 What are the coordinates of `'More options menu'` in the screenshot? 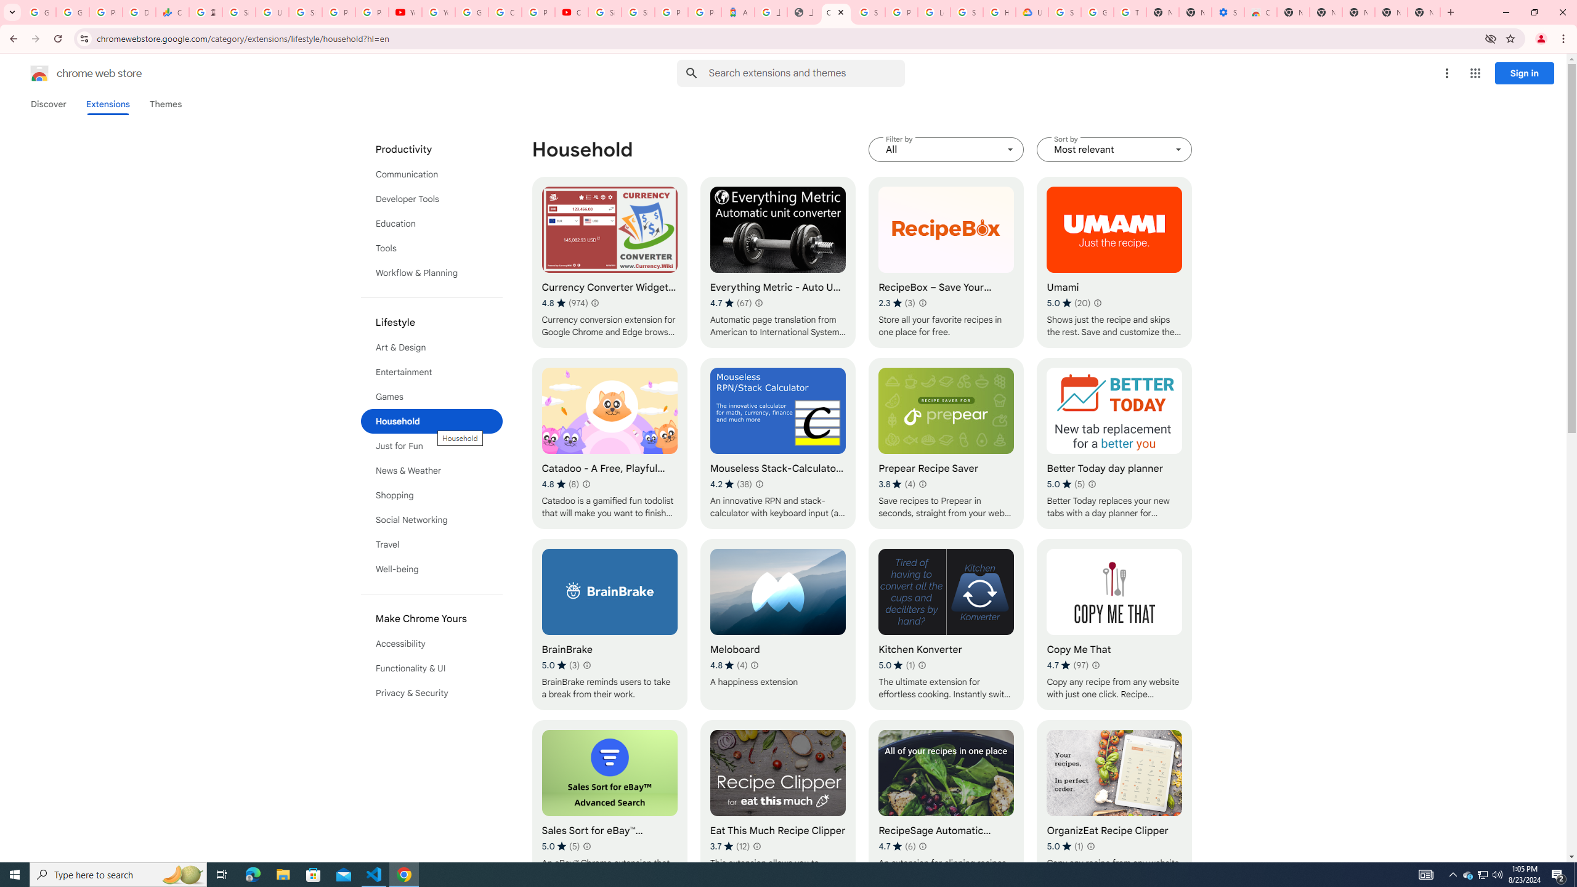 It's located at (1446, 73).